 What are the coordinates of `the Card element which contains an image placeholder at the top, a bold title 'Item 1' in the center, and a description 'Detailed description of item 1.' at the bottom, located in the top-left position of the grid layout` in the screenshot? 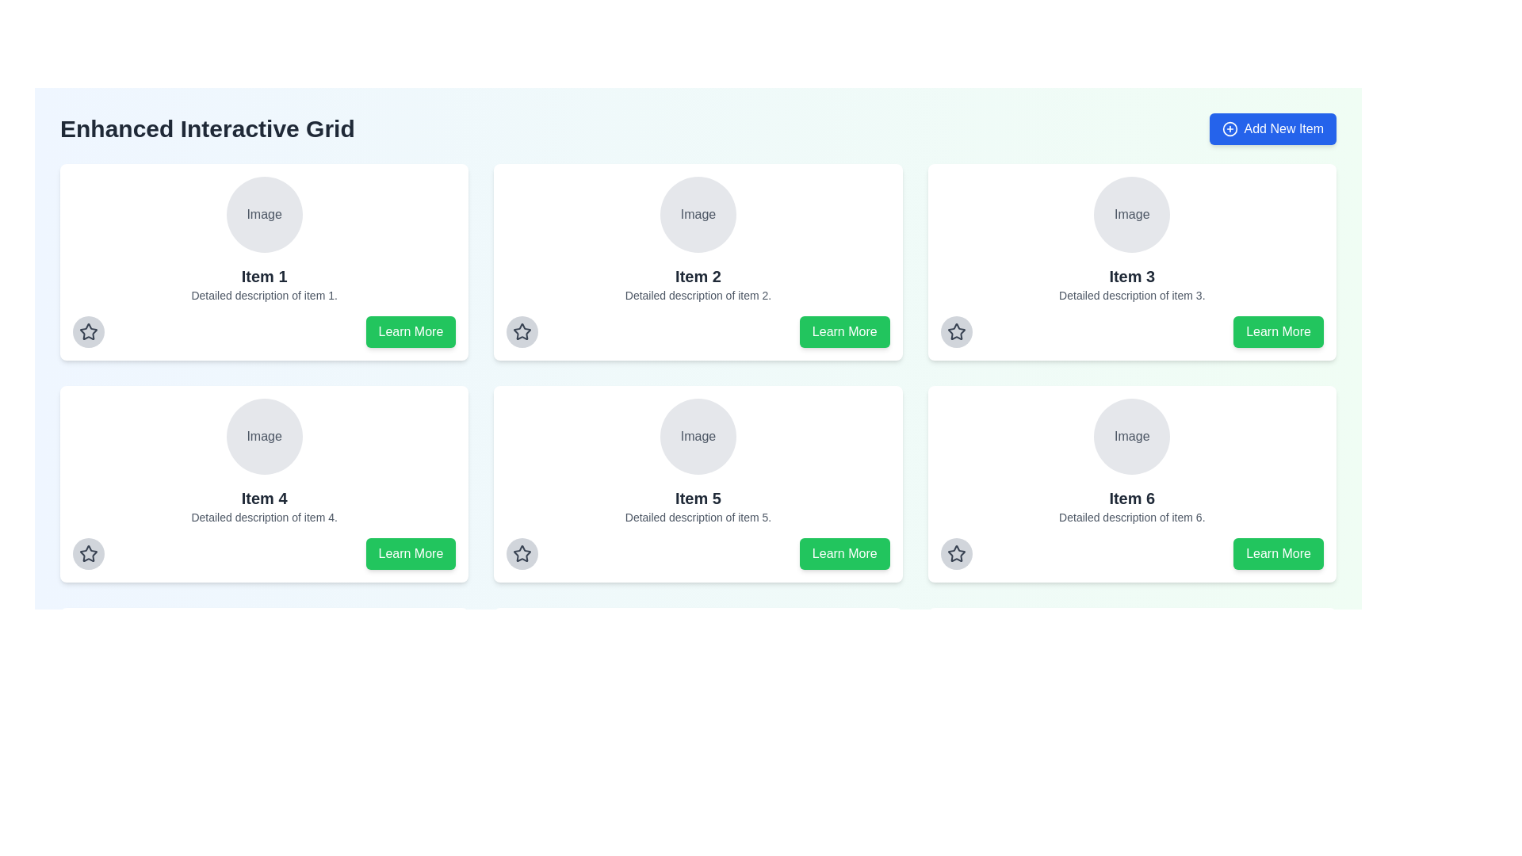 It's located at (264, 240).